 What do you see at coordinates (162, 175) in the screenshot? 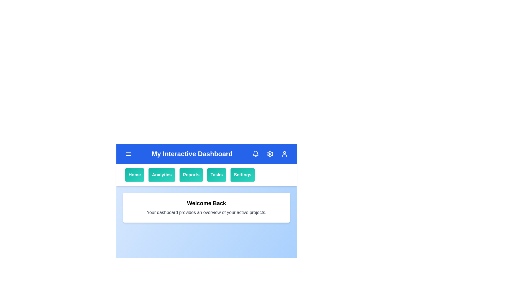
I see `the analytics_button to observe the hover effect` at bounding box center [162, 175].